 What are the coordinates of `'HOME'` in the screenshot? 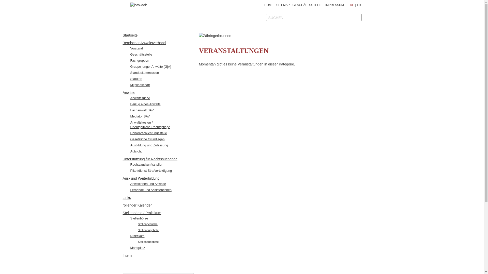 It's located at (268, 5).